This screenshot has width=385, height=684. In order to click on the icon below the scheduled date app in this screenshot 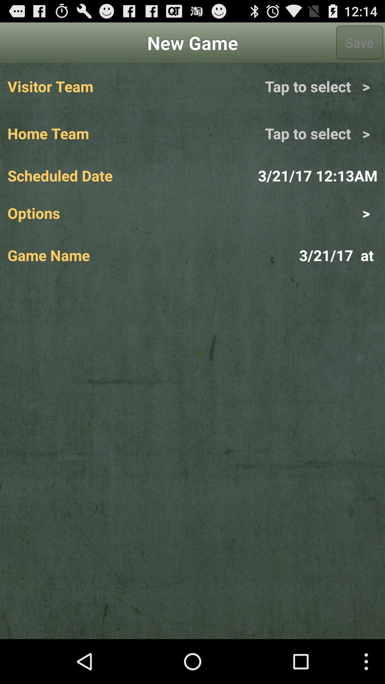, I will do `click(284, 212)`.